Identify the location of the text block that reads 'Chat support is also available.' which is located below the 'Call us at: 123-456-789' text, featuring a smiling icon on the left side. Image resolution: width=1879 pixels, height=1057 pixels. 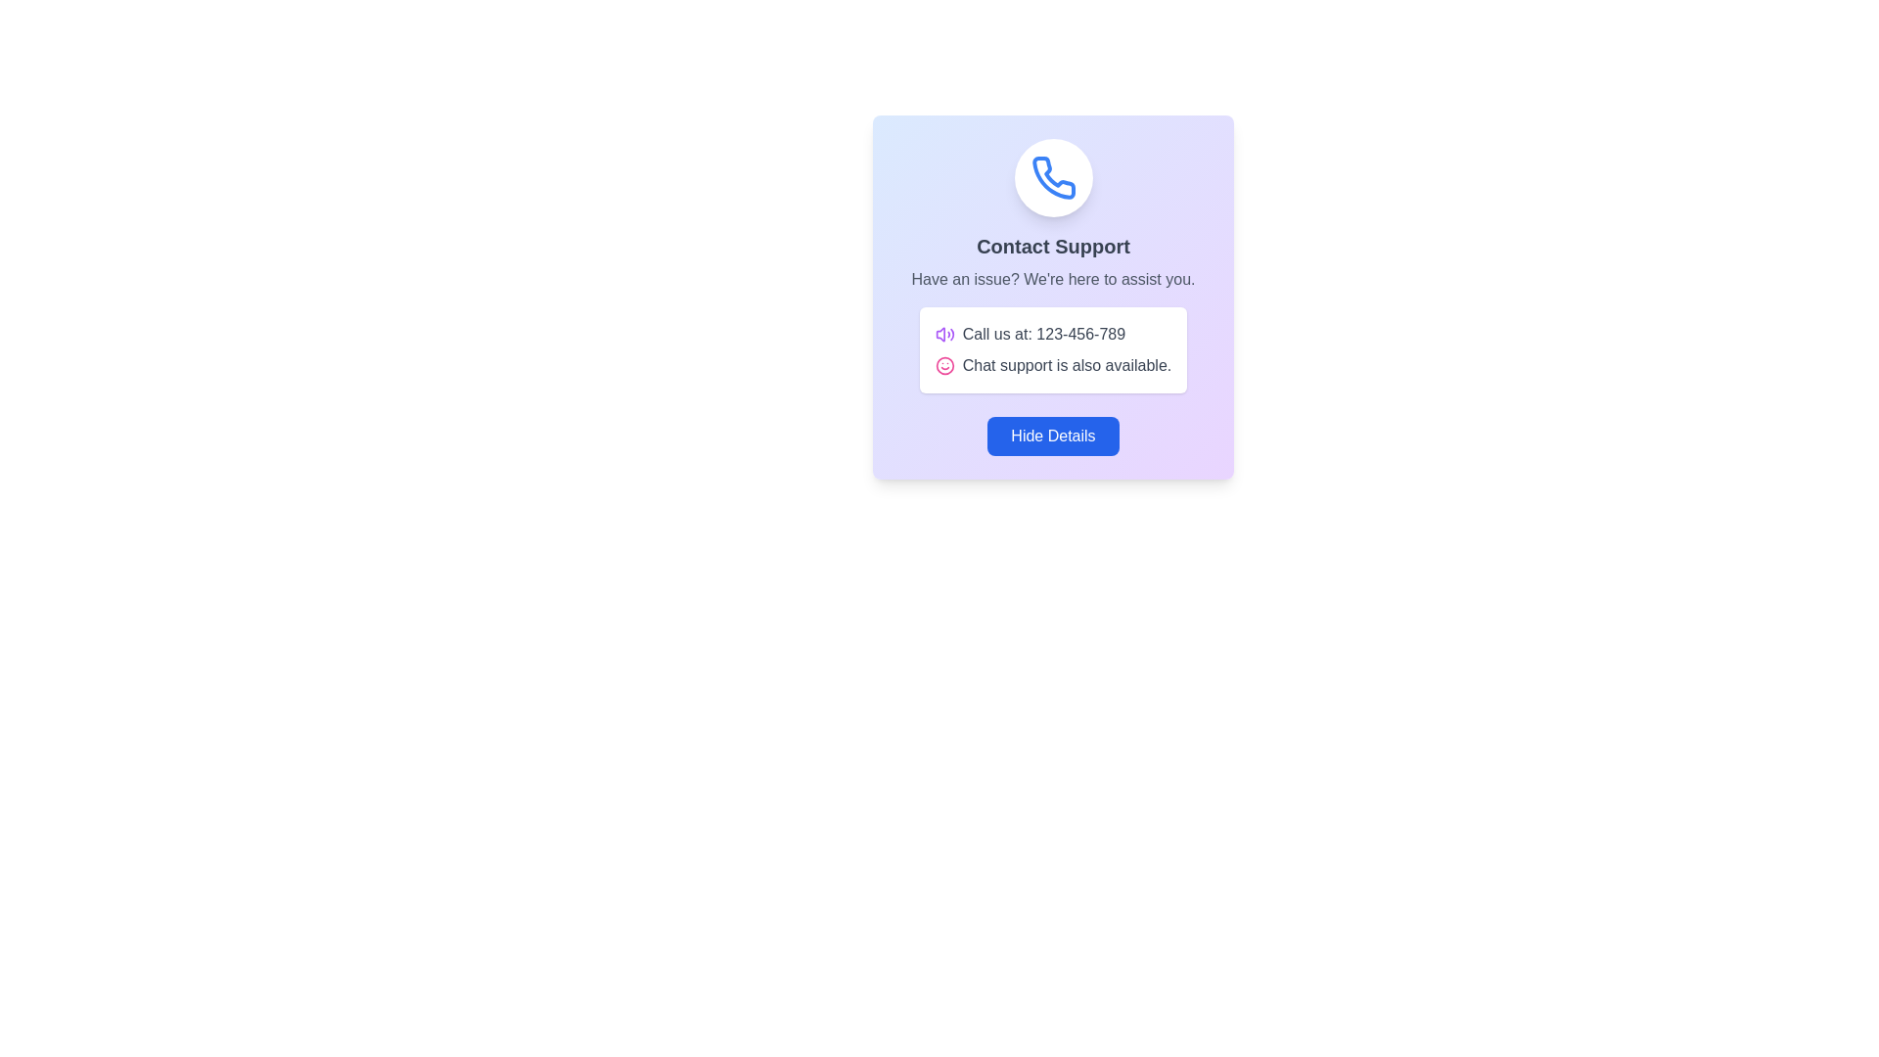
(1052, 366).